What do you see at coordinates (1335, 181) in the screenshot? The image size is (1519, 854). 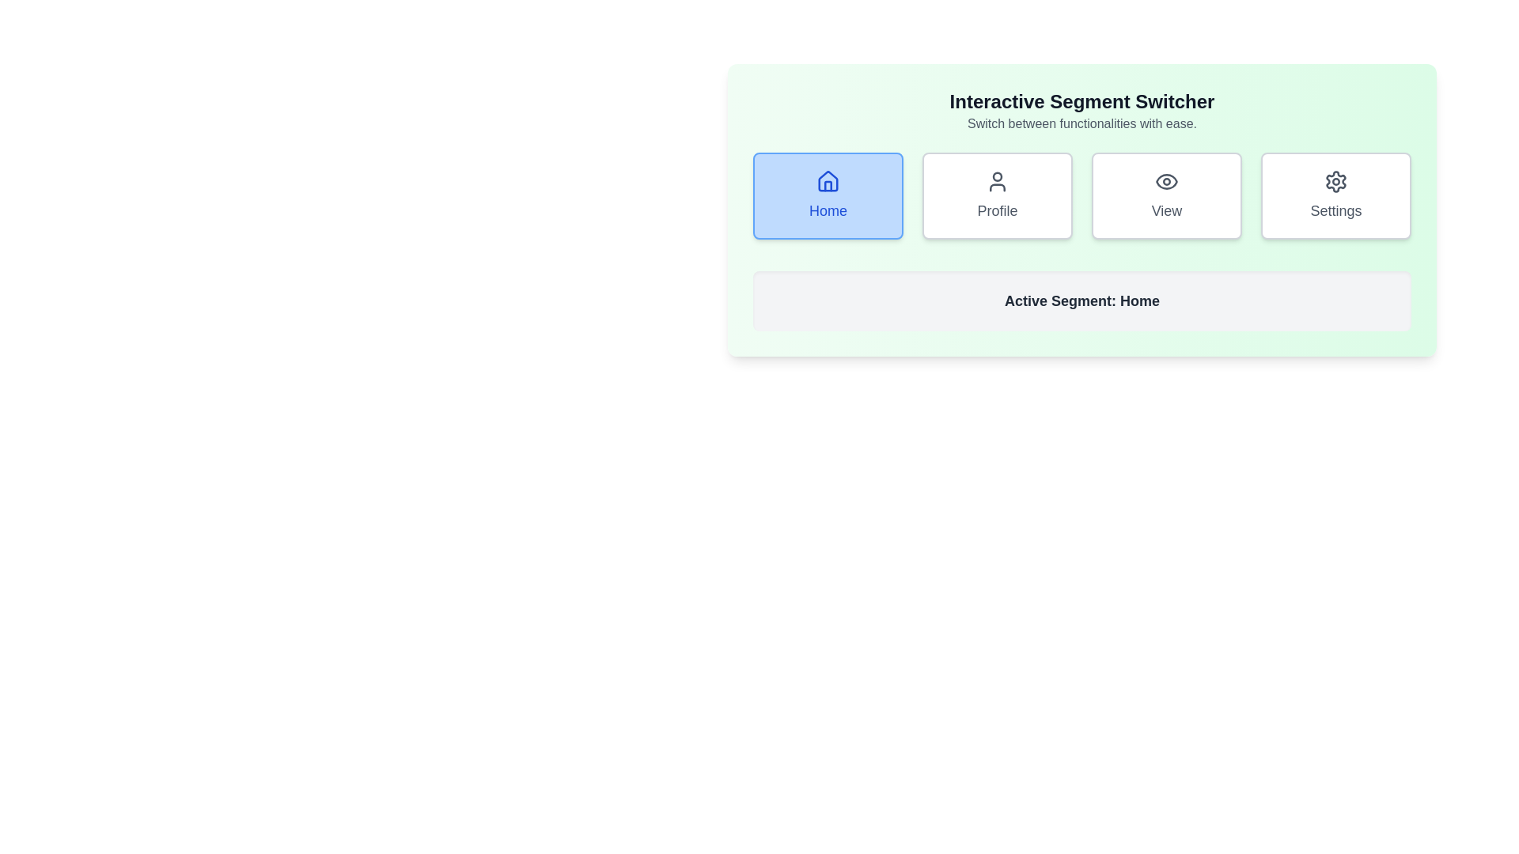 I see `the cogwheel SVG icon located within the 'Settings' card UI, which represents configuration options` at bounding box center [1335, 181].